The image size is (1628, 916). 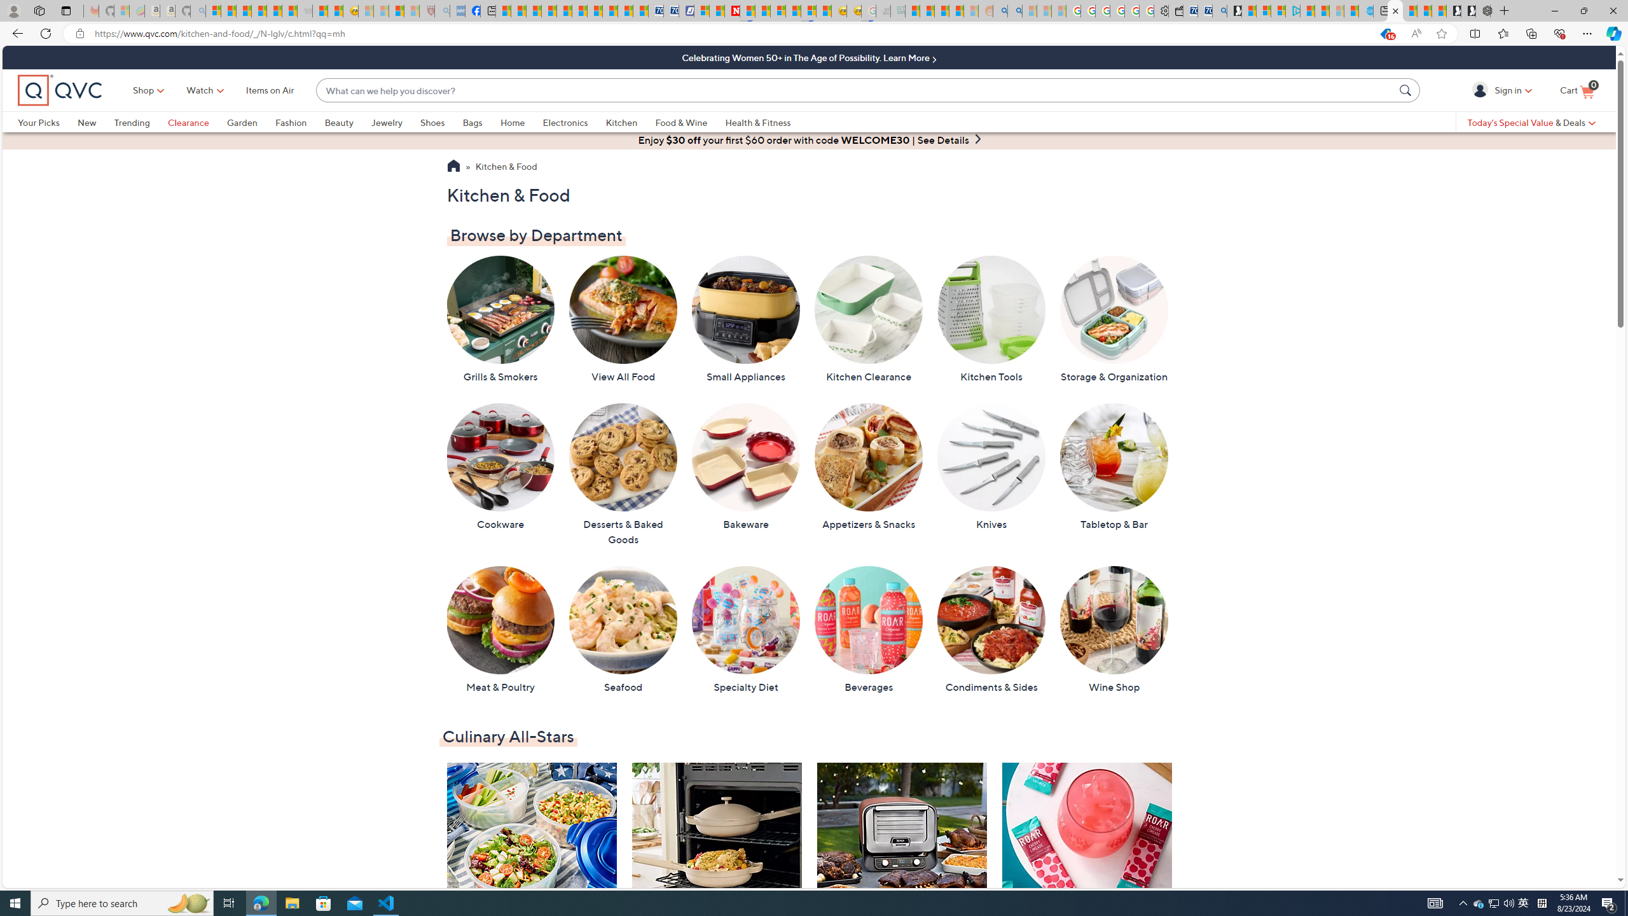 What do you see at coordinates (506, 167) in the screenshot?
I see `'Kitchen & Food'` at bounding box center [506, 167].